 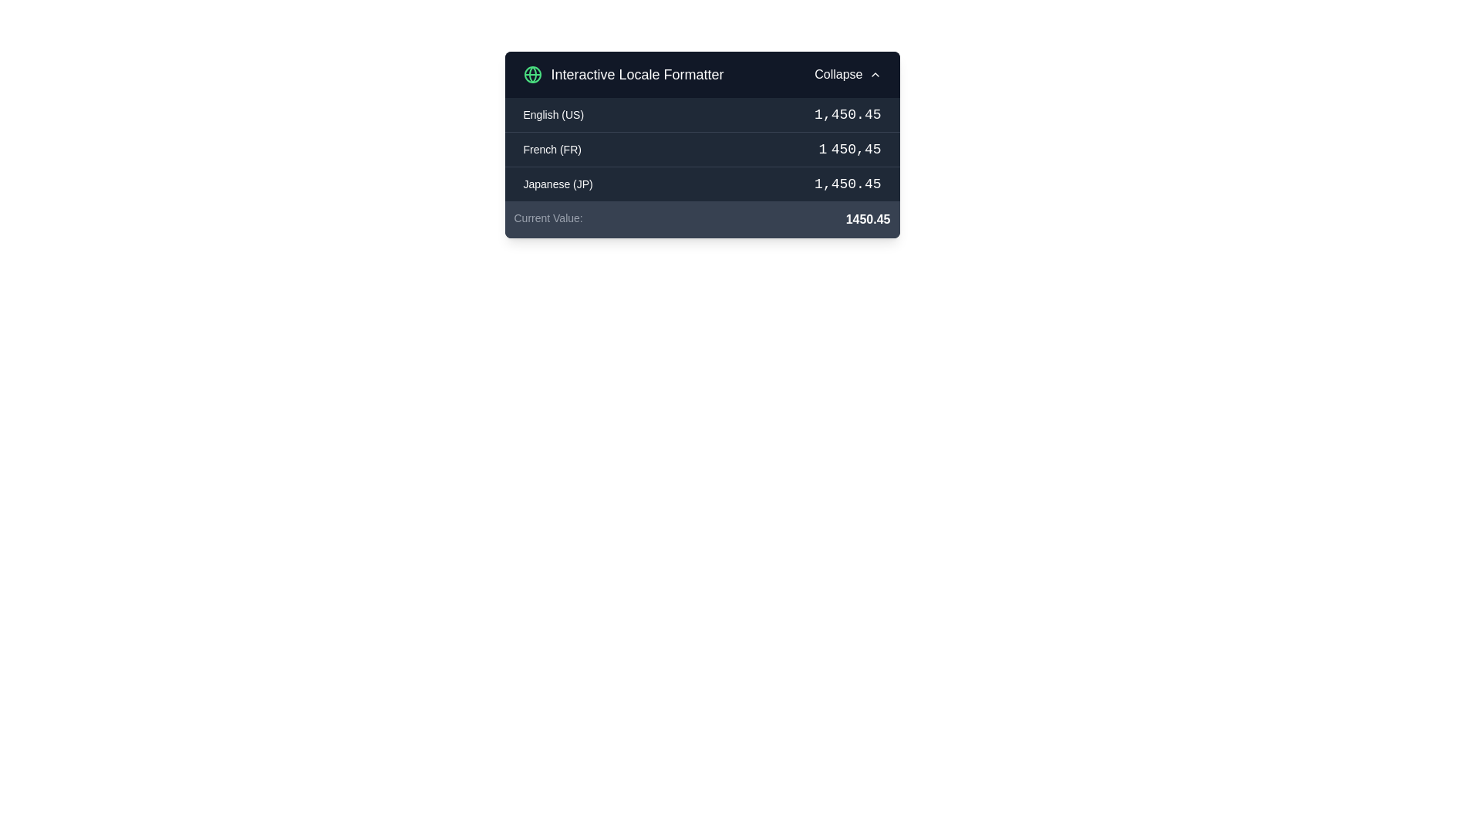 I want to click on the green circular icon representing global or international aspects, located to the left of the 'Interactive Locale Formatter' text, so click(x=532, y=74).